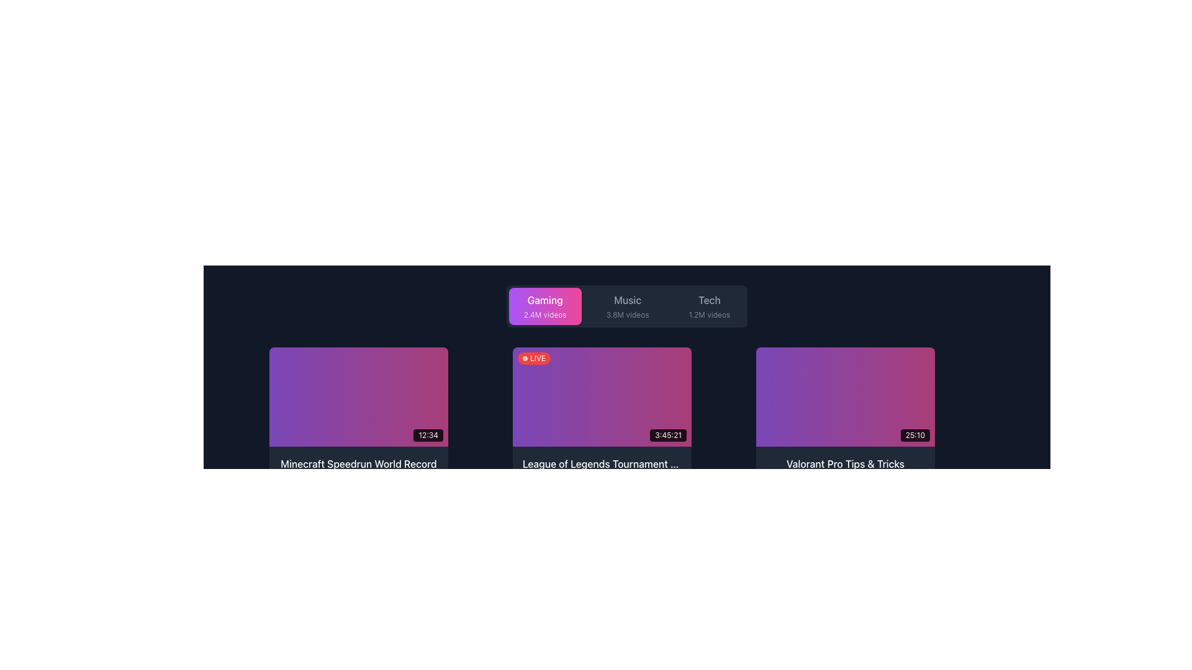 The height and width of the screenshot is (670, 1192). Describe the element at coordinates (602, 473) in the screenshot. I see `the textual display element that shows 'League of Legends Tournament Finals' with the value '850K' to trigger the tooltip or focus` at that location.